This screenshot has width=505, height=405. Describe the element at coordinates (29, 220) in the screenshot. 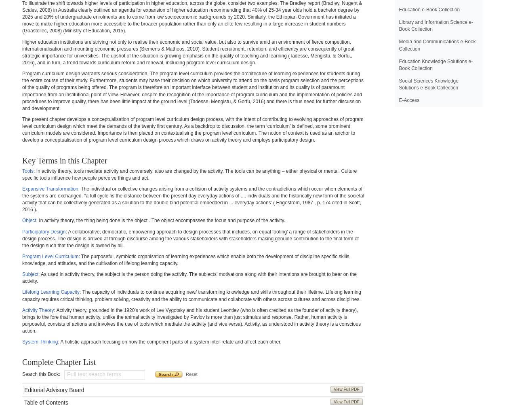

I see `'Object'` at that location.